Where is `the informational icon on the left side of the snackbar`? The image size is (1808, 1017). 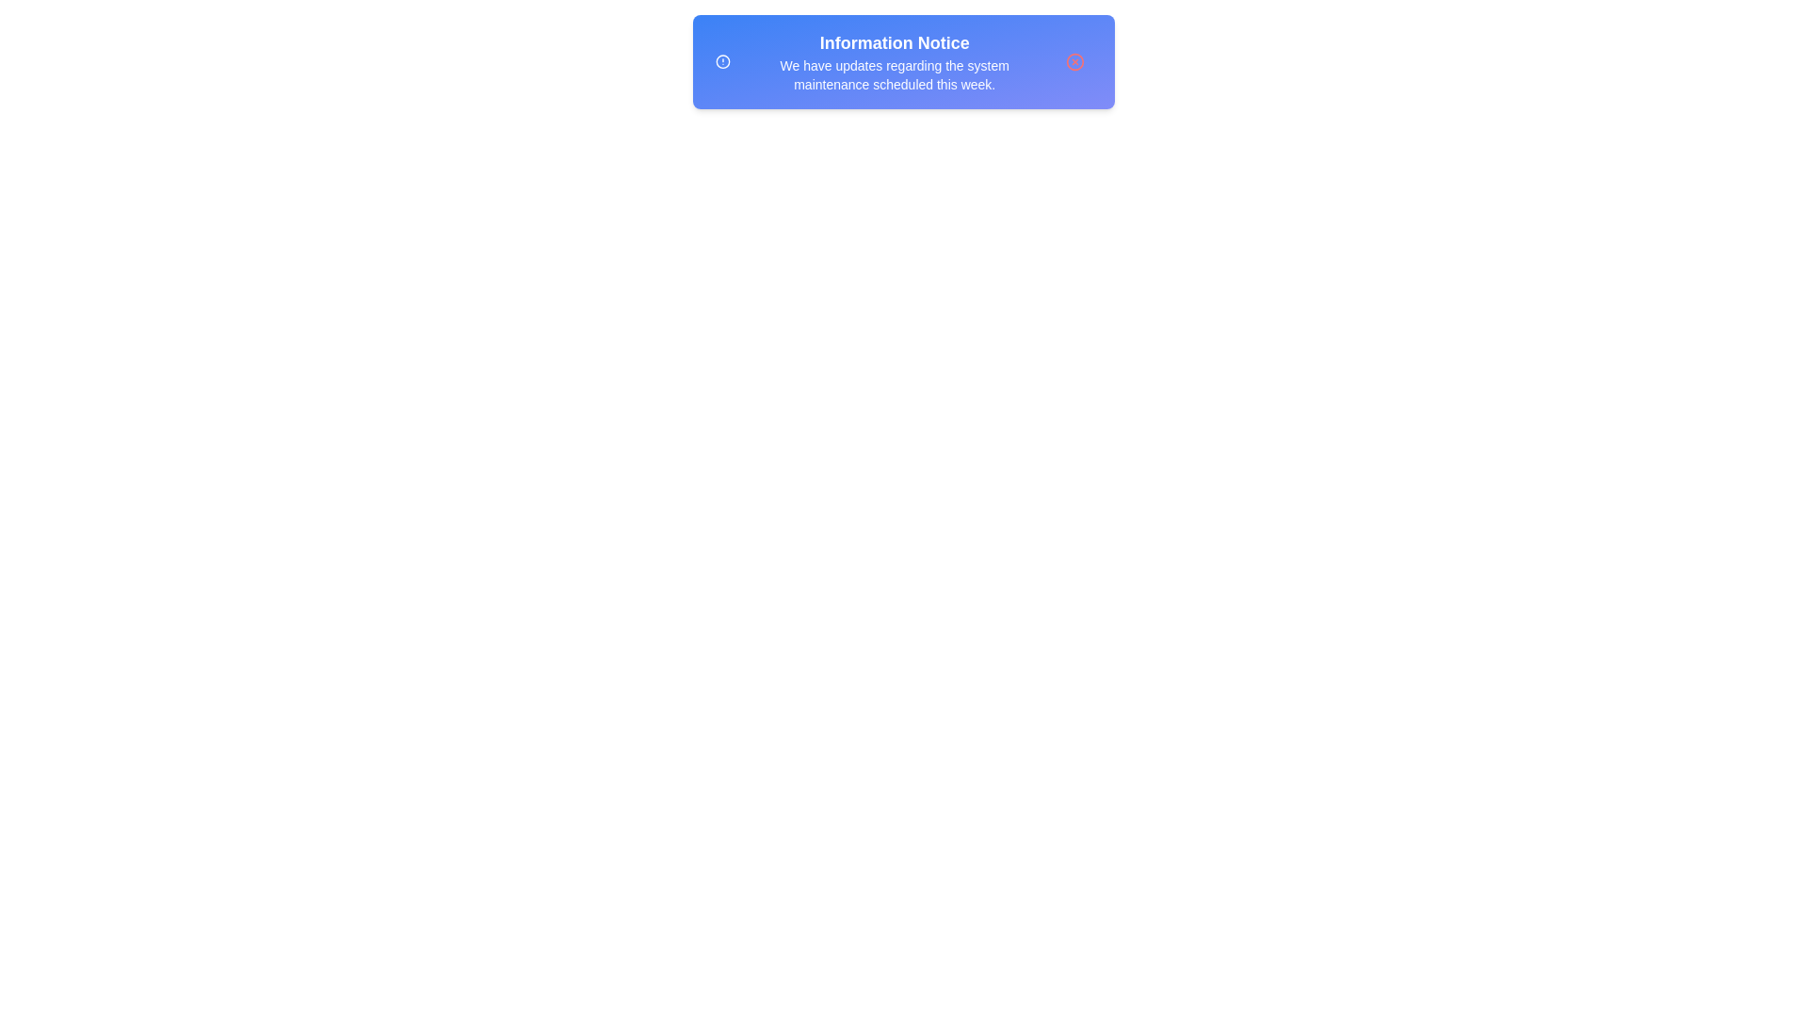 the informational icon on the left side of the snackbar is located at coordinates (722, 60).